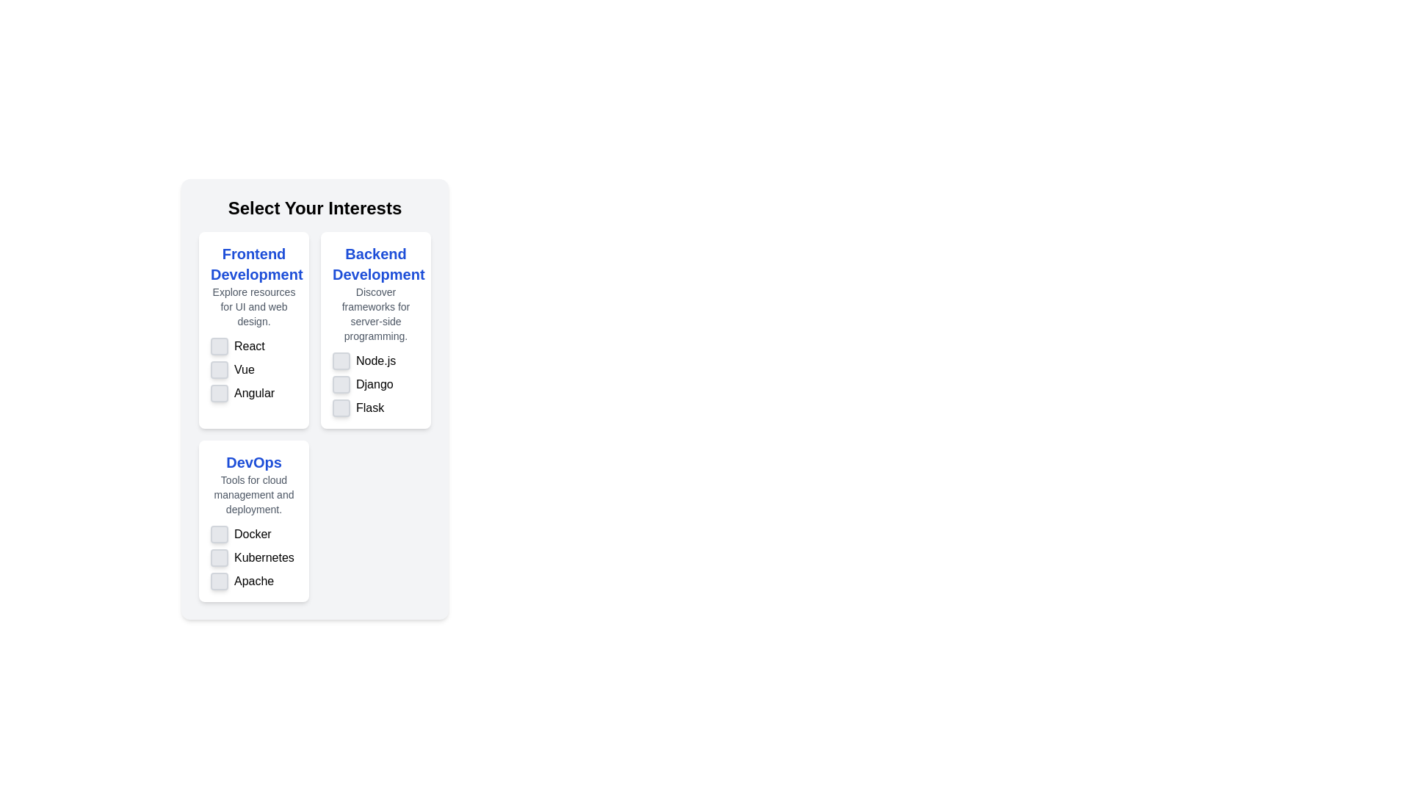 The height and width of the screenshot is (793, 1410). Describe the element at coordinates (253, 346) in the screenshot. I see `the checkbox next to the 'React' label` at that location.